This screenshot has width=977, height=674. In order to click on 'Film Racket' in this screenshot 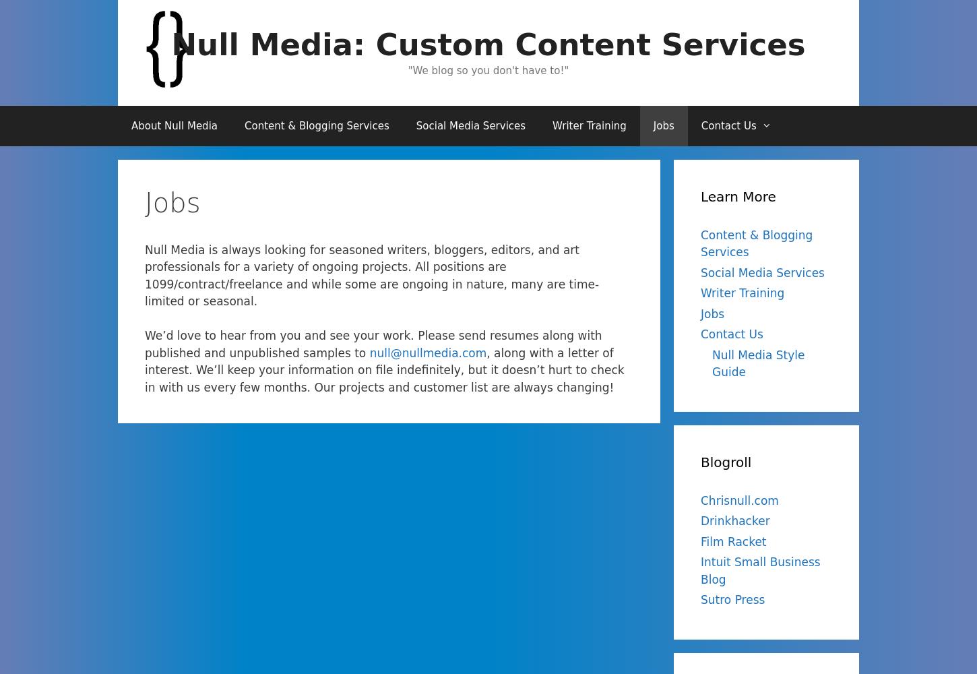, I will do `click(733, 541)`.